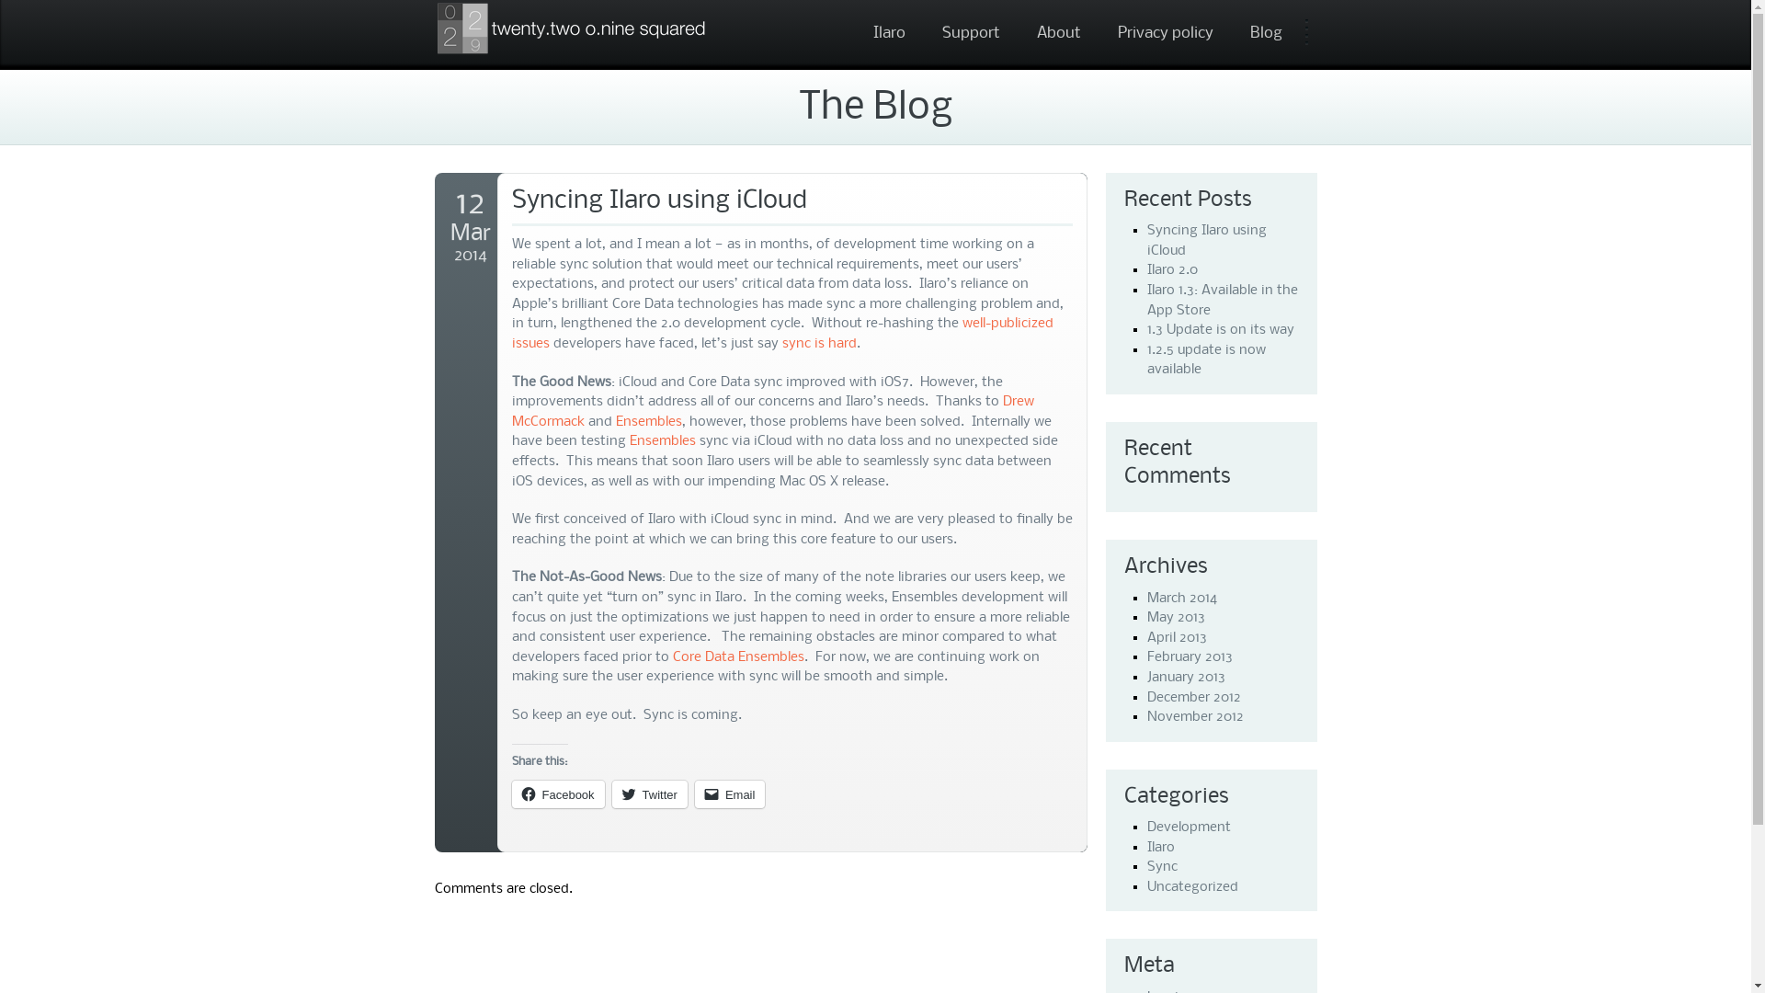  What do you see at coordinates (1194, 698) in the screenshot?
I see `'December 2012'` at bounding box center [1194, 698].